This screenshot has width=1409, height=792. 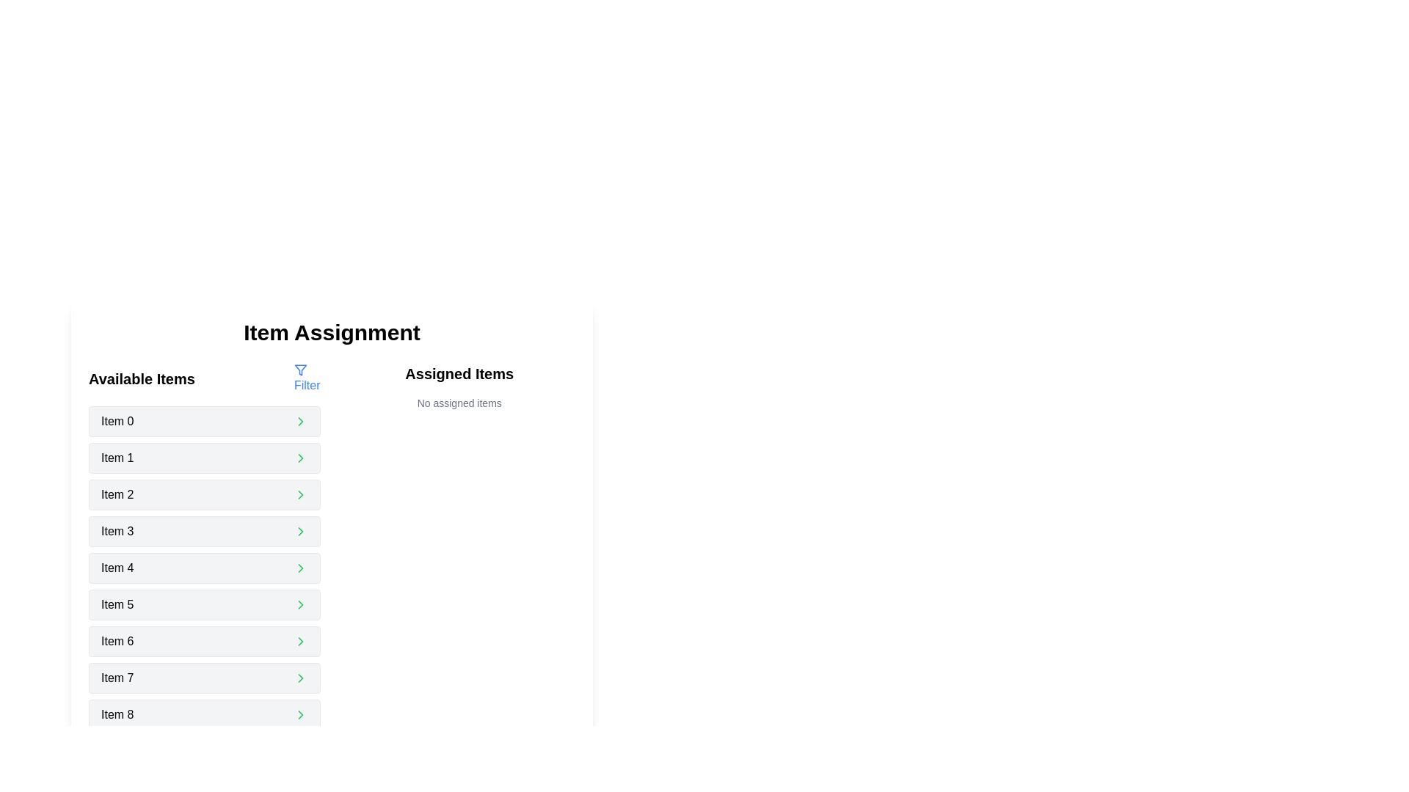 What do you see at coordinates (299, 641) in the screenshot?
I see `the green chevron icon pointing to the right associated with 'Item 6' in the 'Available Items' list` at bounding box center [299, 641].